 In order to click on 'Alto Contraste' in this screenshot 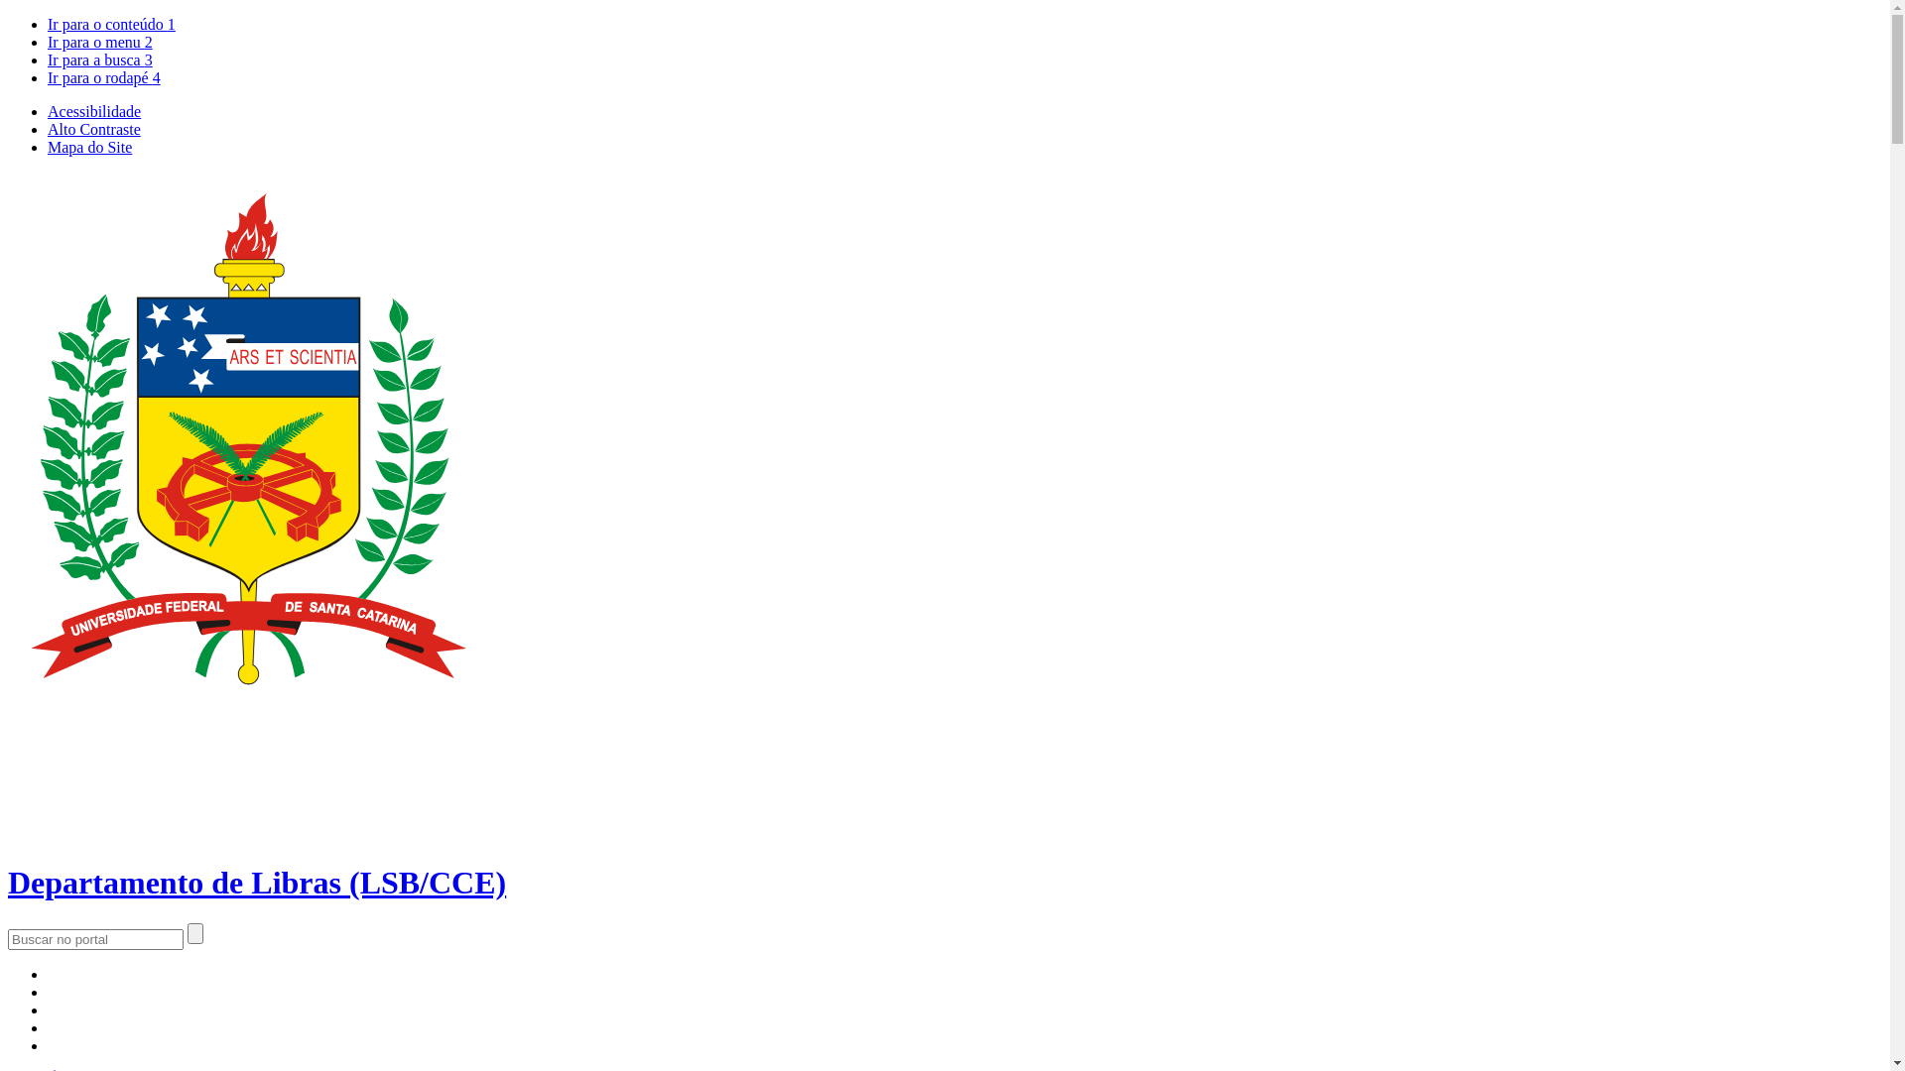, I will do `click(93, 129)`.